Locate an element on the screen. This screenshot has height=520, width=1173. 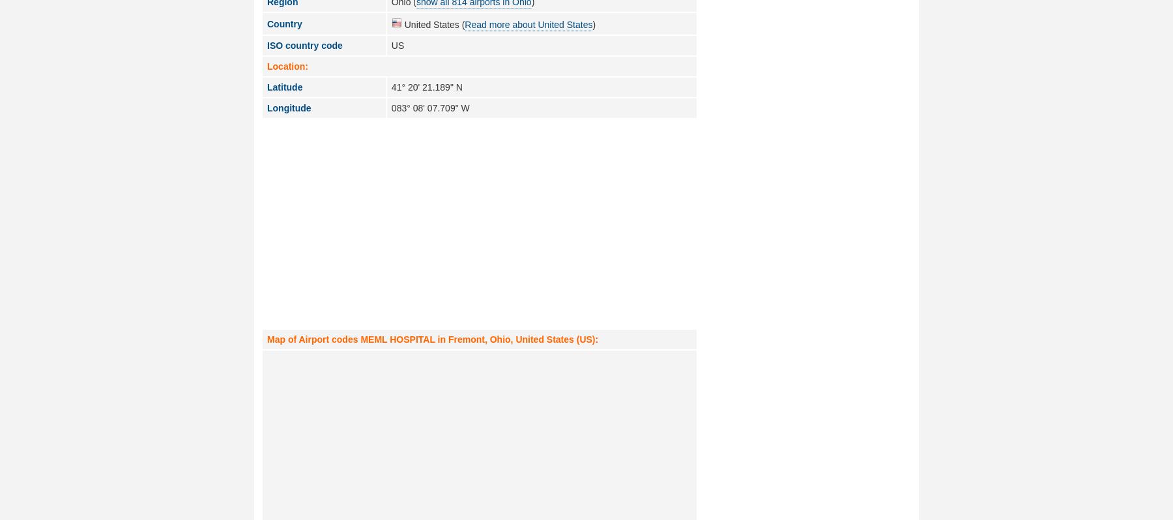
'Latitude' is located at coordinates (285, 86).